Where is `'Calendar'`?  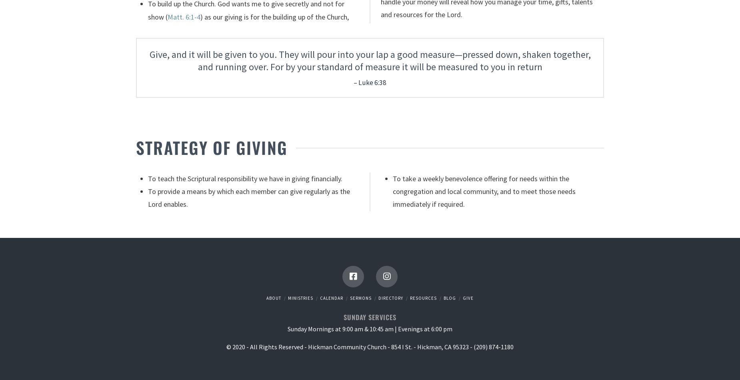
'Calendar' is located at coordinates (331, 297).